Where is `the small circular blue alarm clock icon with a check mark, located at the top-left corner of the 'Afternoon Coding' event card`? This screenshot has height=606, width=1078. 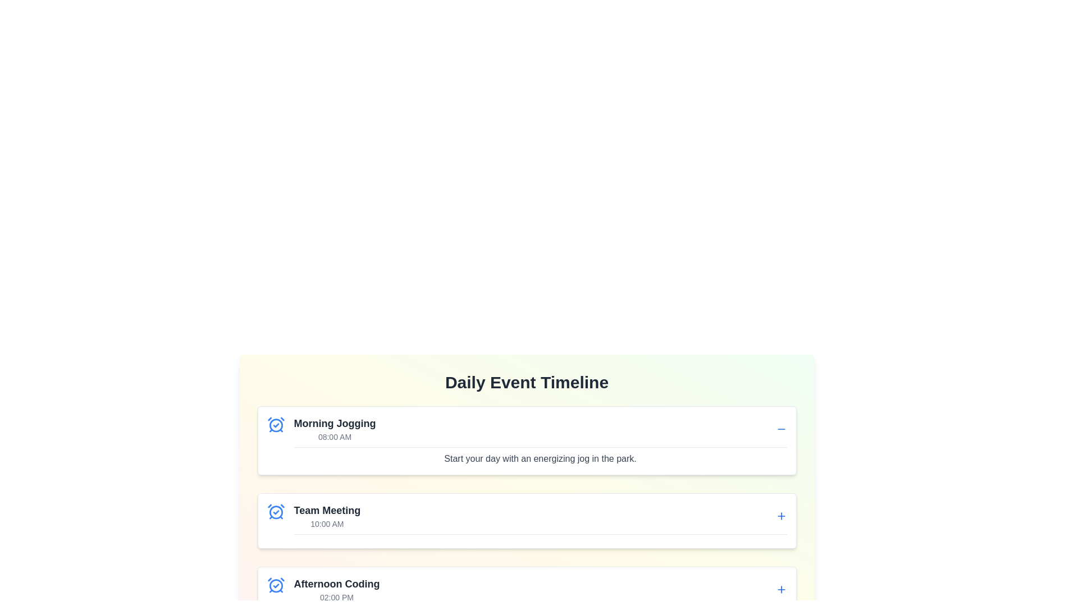 the small circular blue alarm clock icon with a check mark, located at the top-left corner of the 'Afternoon Coding' event card is located at coordinates (276, 584).